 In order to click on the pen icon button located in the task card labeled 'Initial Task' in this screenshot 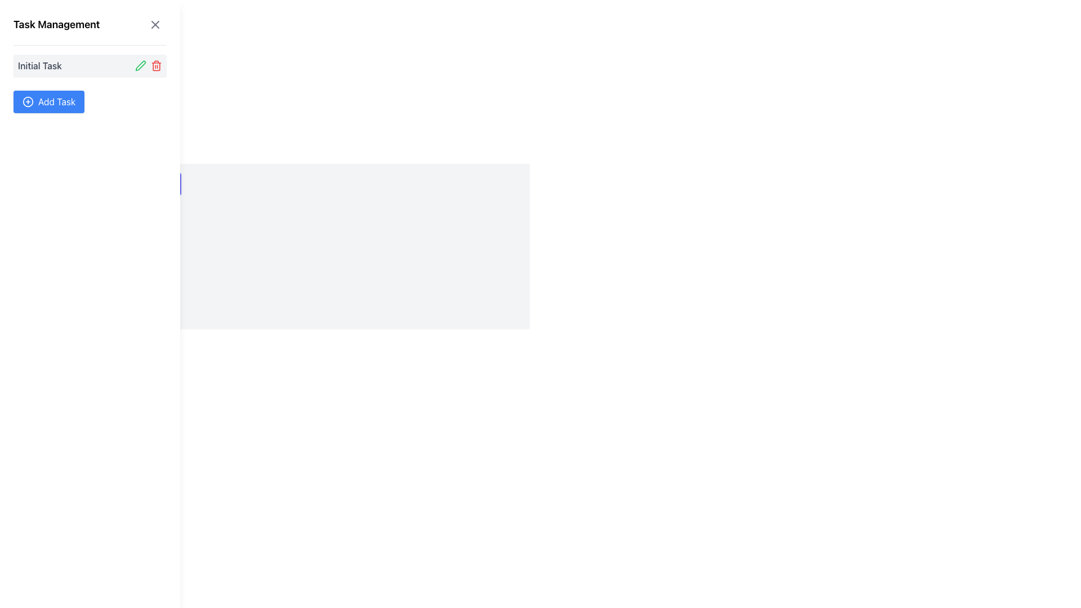, I will do `click(140, 65)`.